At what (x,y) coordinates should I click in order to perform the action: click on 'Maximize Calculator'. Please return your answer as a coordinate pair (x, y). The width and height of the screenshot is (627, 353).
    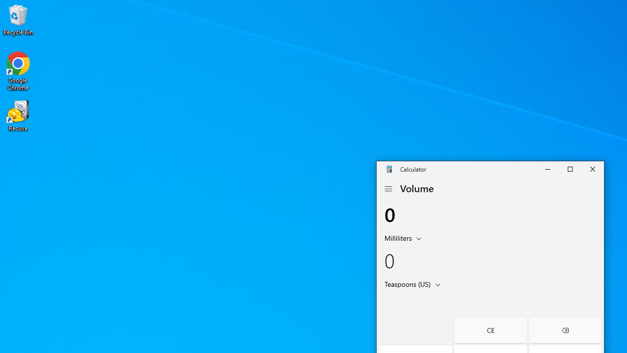
    Looking at the image, I should click on (570, 168).